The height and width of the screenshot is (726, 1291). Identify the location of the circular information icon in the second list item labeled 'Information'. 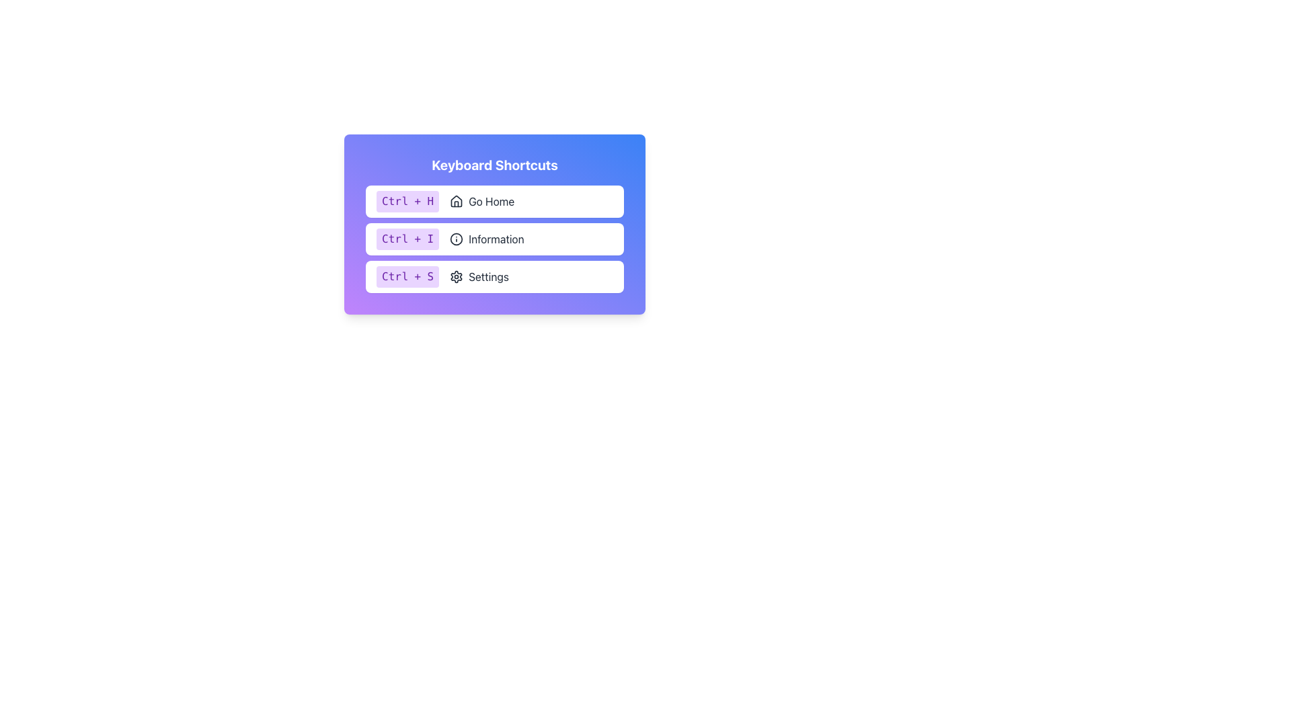
(494, 238).